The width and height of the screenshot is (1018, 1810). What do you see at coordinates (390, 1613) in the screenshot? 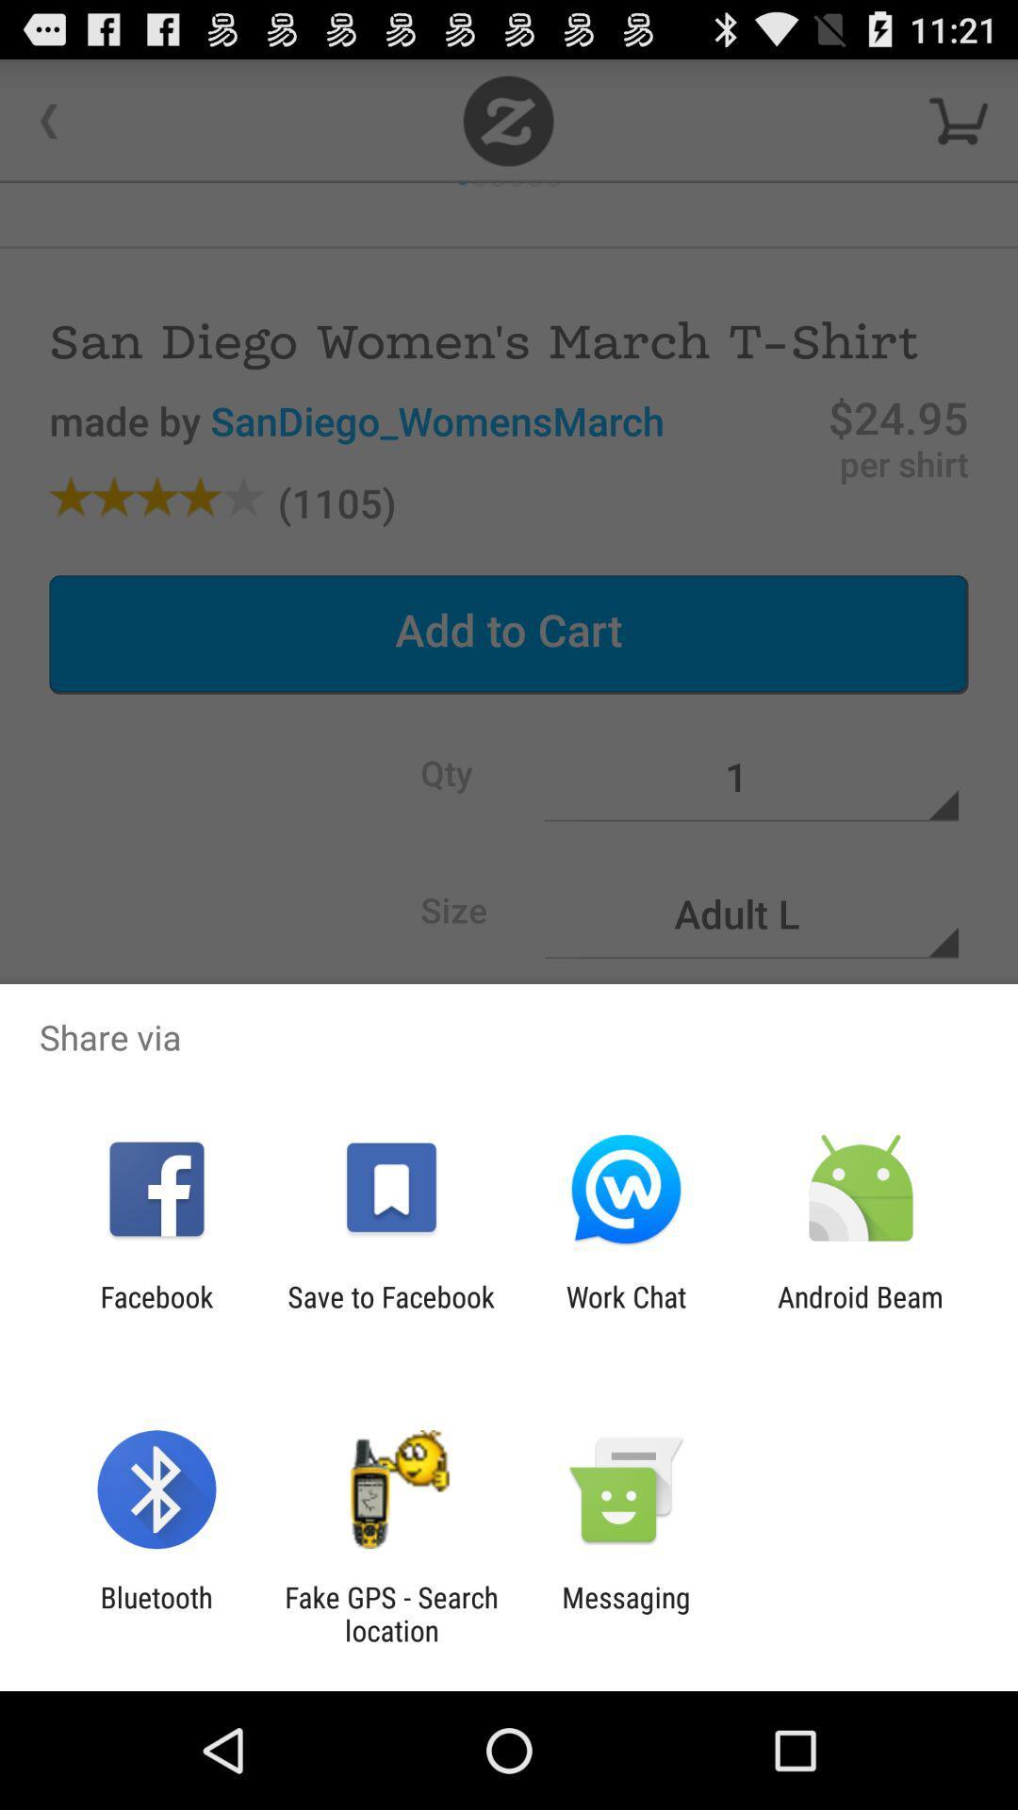
I see `the fake gps search icon` at bounding box center [390, 1613].